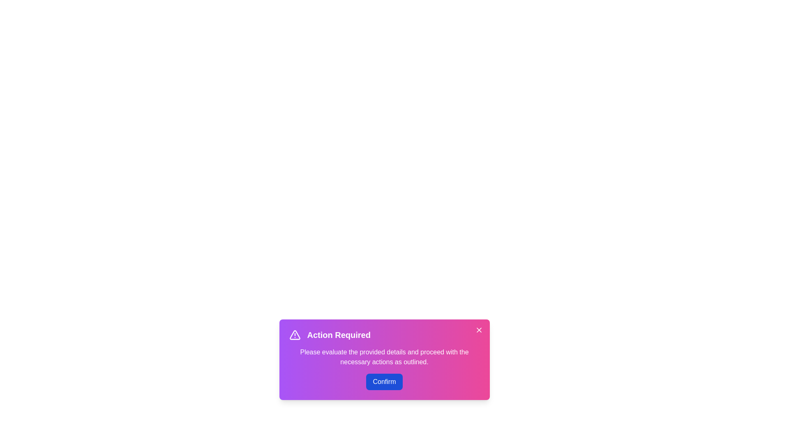  What do you see at coordinates (384, 382) in the screenshot?
I see `the 'Confirm' button to acknowledge the message` at bounding box center [384, 382].